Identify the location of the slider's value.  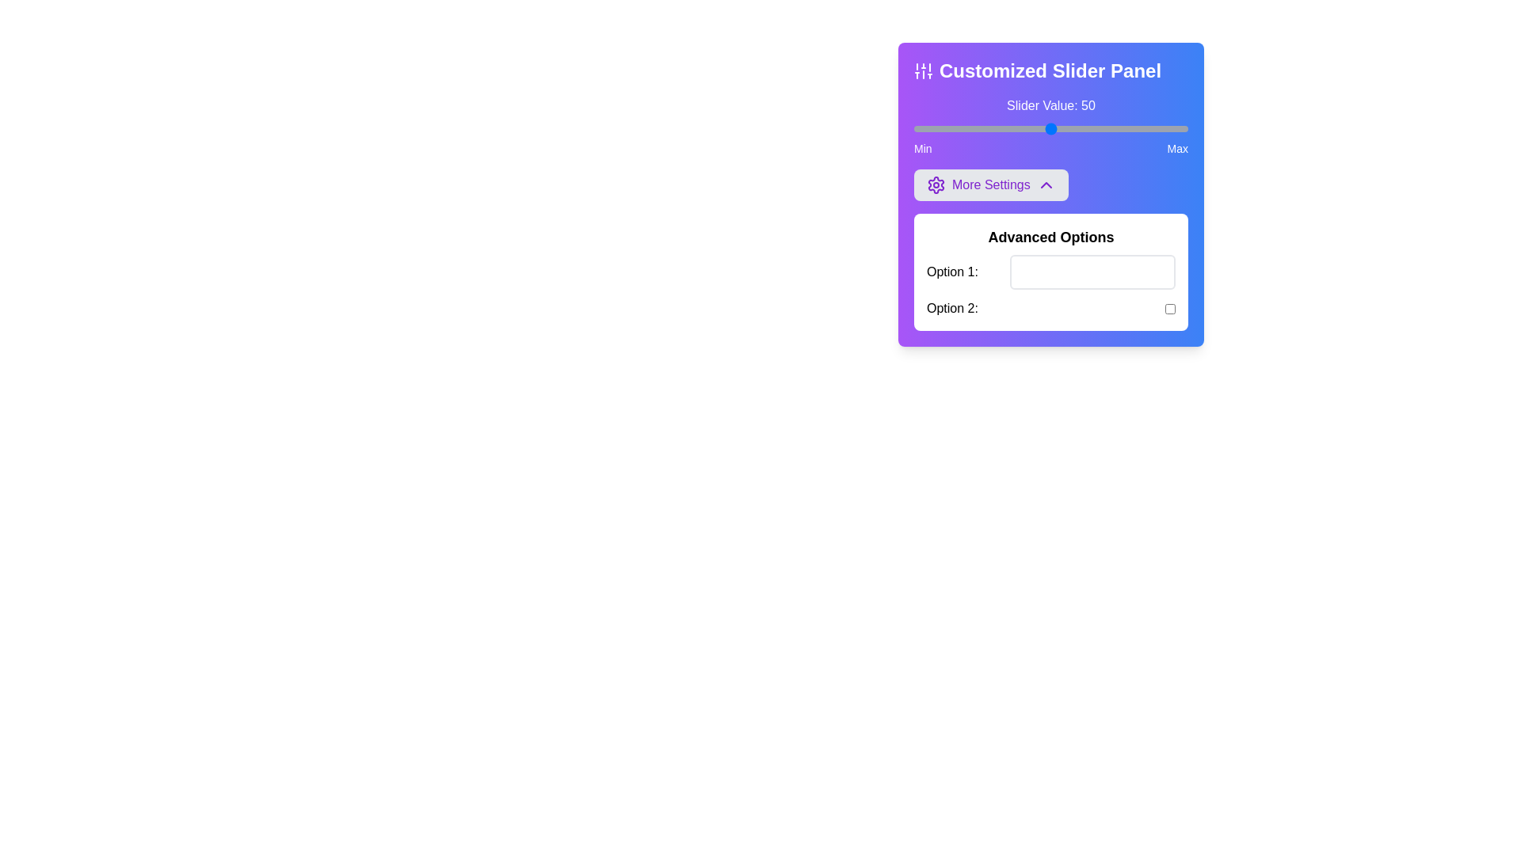
(1086, 127).